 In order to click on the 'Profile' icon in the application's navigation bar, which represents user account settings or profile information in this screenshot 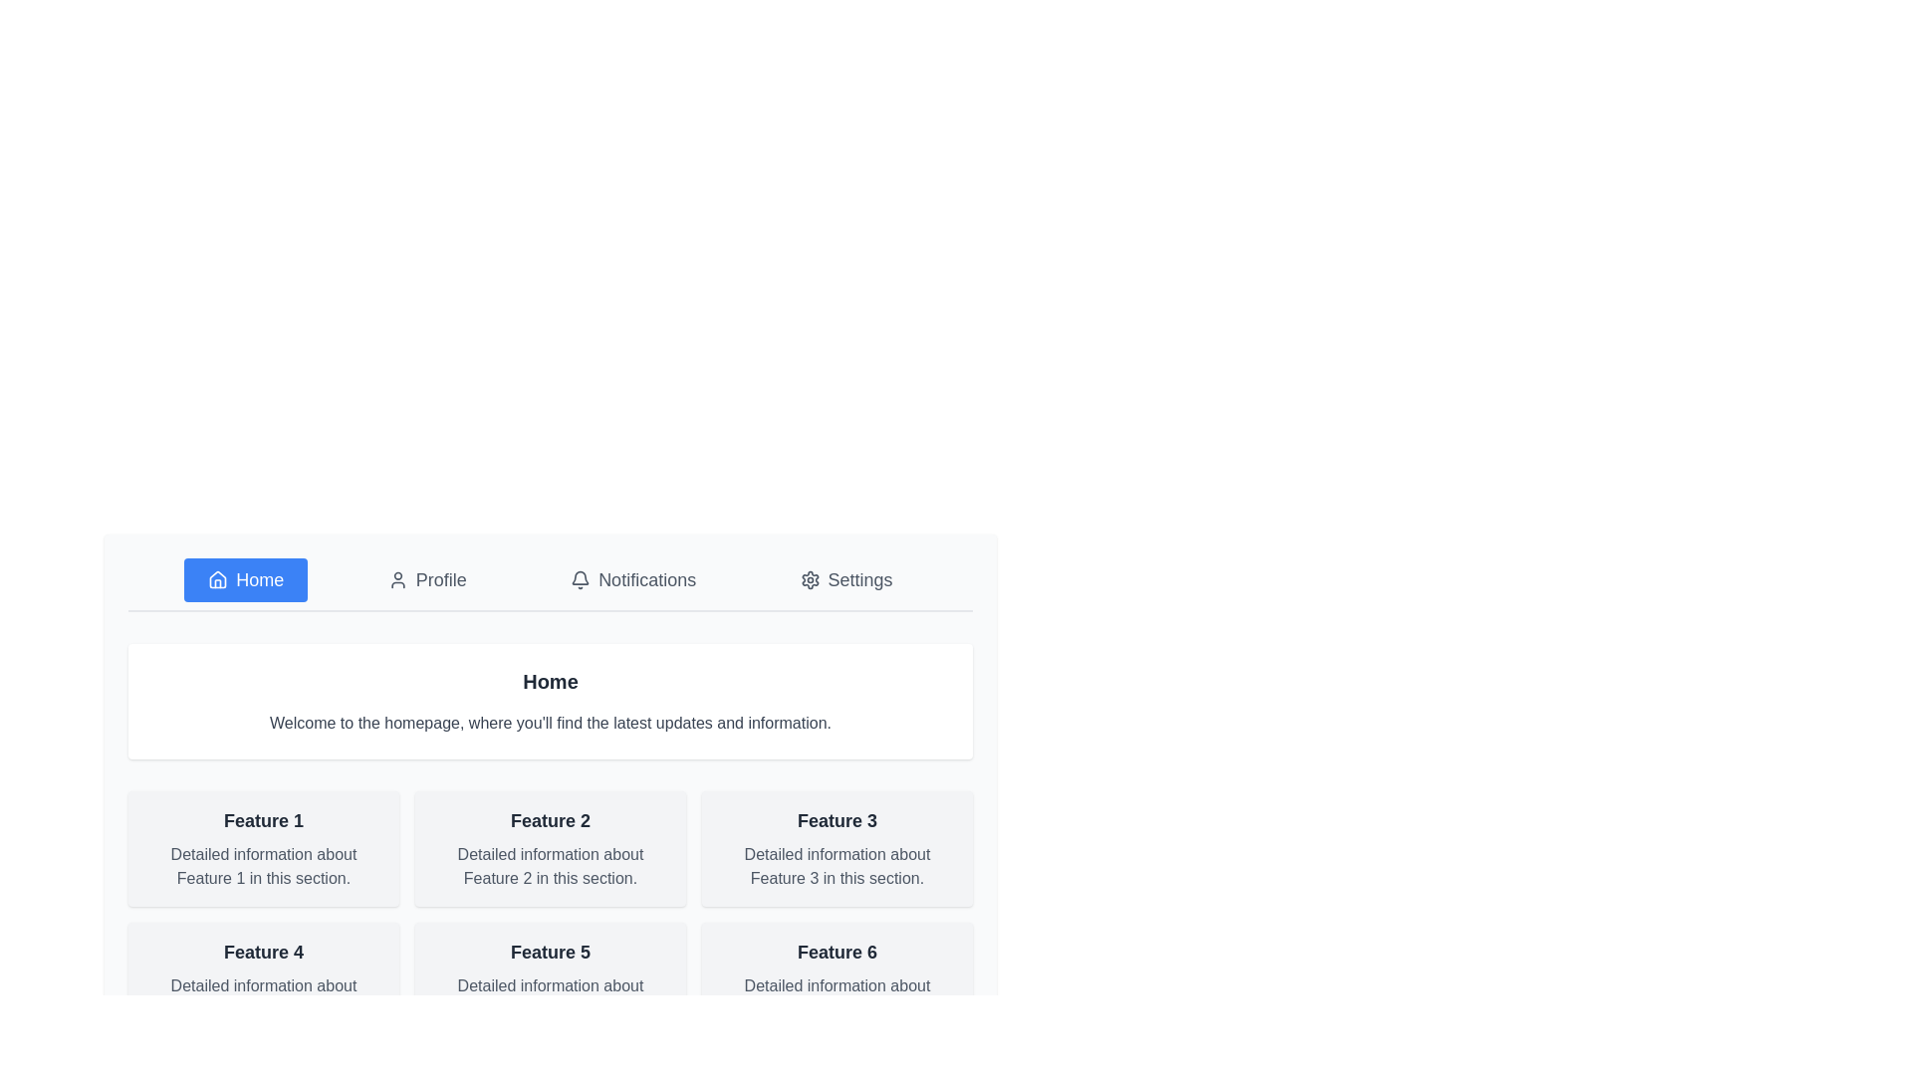, I will do `click(397, 579)`.